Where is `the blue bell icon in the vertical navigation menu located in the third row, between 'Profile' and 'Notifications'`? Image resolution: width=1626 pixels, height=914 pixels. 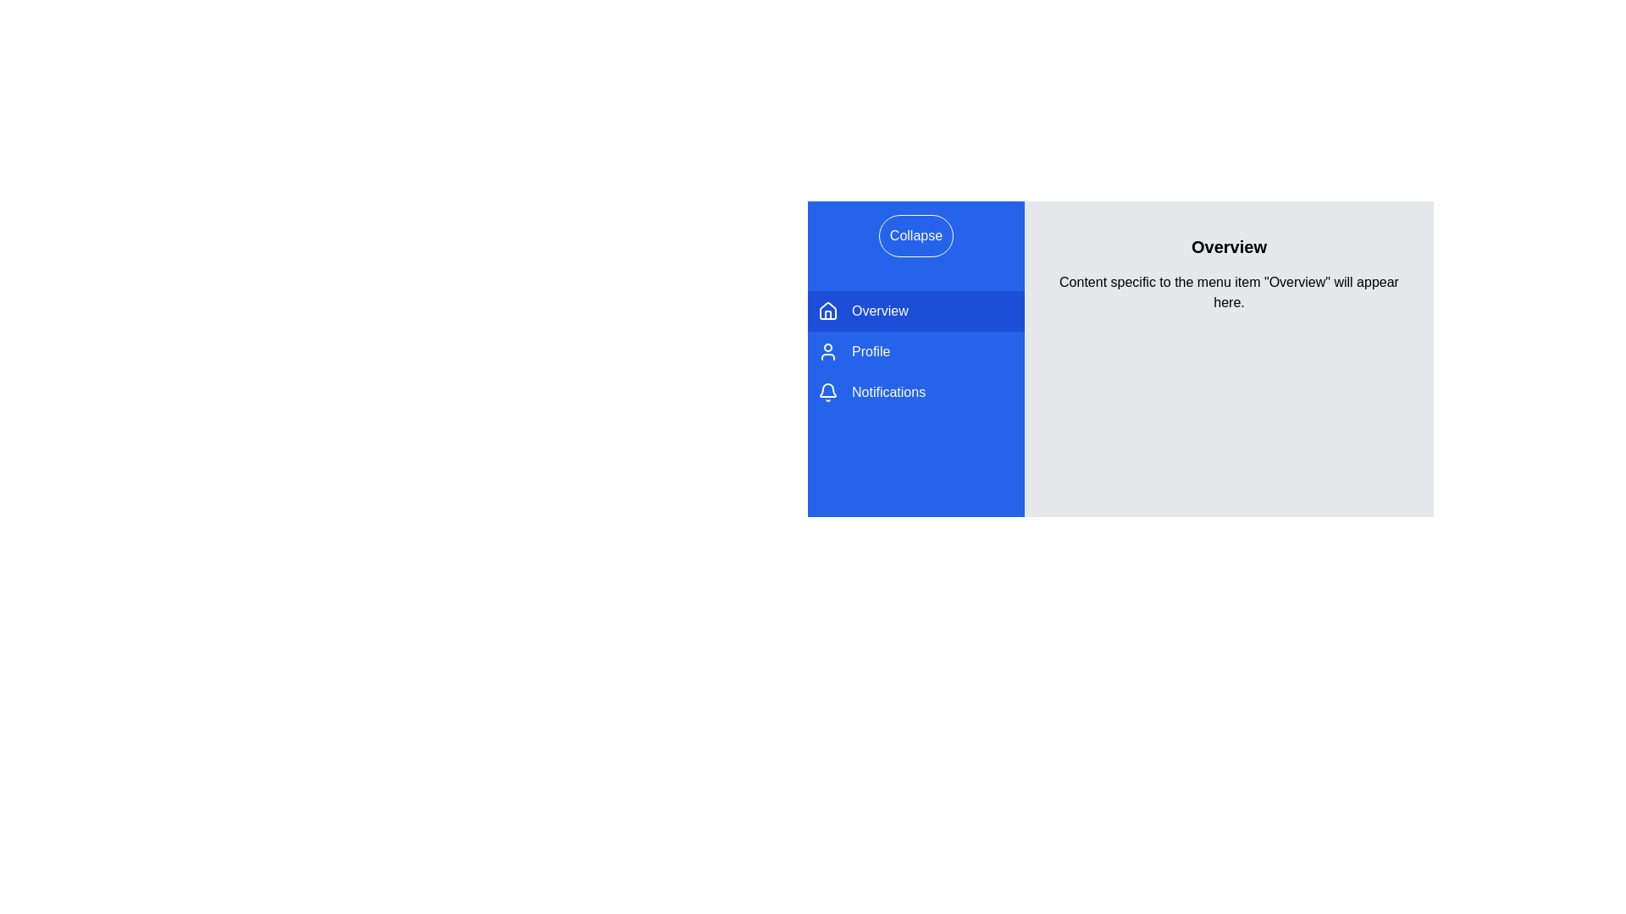 the blue bell icon in the vertical navigation menu located in the third row, between 'Profile' and 'Notifications' is located at coordinates (828, 392).